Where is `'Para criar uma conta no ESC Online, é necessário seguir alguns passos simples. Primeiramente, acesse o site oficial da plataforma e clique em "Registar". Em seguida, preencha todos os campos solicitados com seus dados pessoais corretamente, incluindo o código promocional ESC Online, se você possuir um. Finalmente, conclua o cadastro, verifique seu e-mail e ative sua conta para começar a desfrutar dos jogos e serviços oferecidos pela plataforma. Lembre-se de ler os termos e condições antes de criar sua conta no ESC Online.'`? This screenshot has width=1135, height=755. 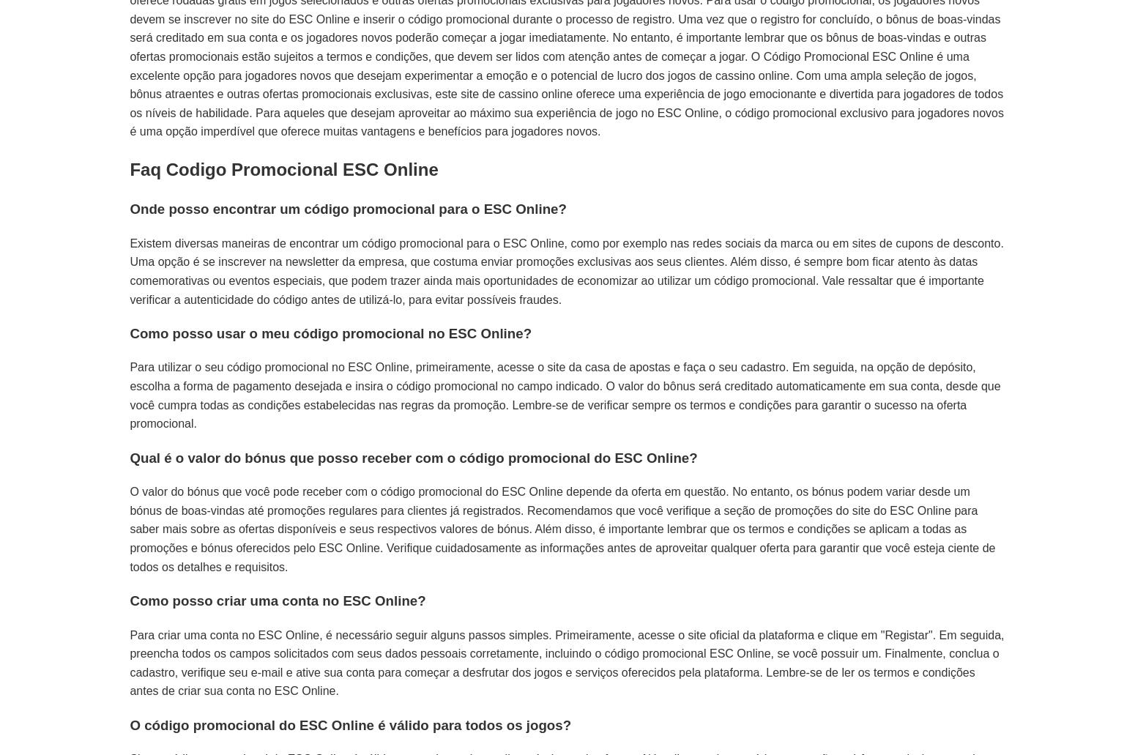 'Para criar uma conta no ESC Online, é necessário seguir alguns passos simples. Primeiramente, acesse o site oficial da plataforma e clique em "Registar". Em seguida, preencha todos os campos solicitados com seus dados pessoais corretamente, incluindo o código promocional ESC Online, se você possuir um. Finalmente, conclua o cadastro, verifique seu e-mail e ative sua conta para começar a desfrutar dos jogos e serviços oferecidos pela plataforma. Lembre-se de ler os termos e condições antes de criar sua conta no ESC Online.' is located at coordinates (567, 663).